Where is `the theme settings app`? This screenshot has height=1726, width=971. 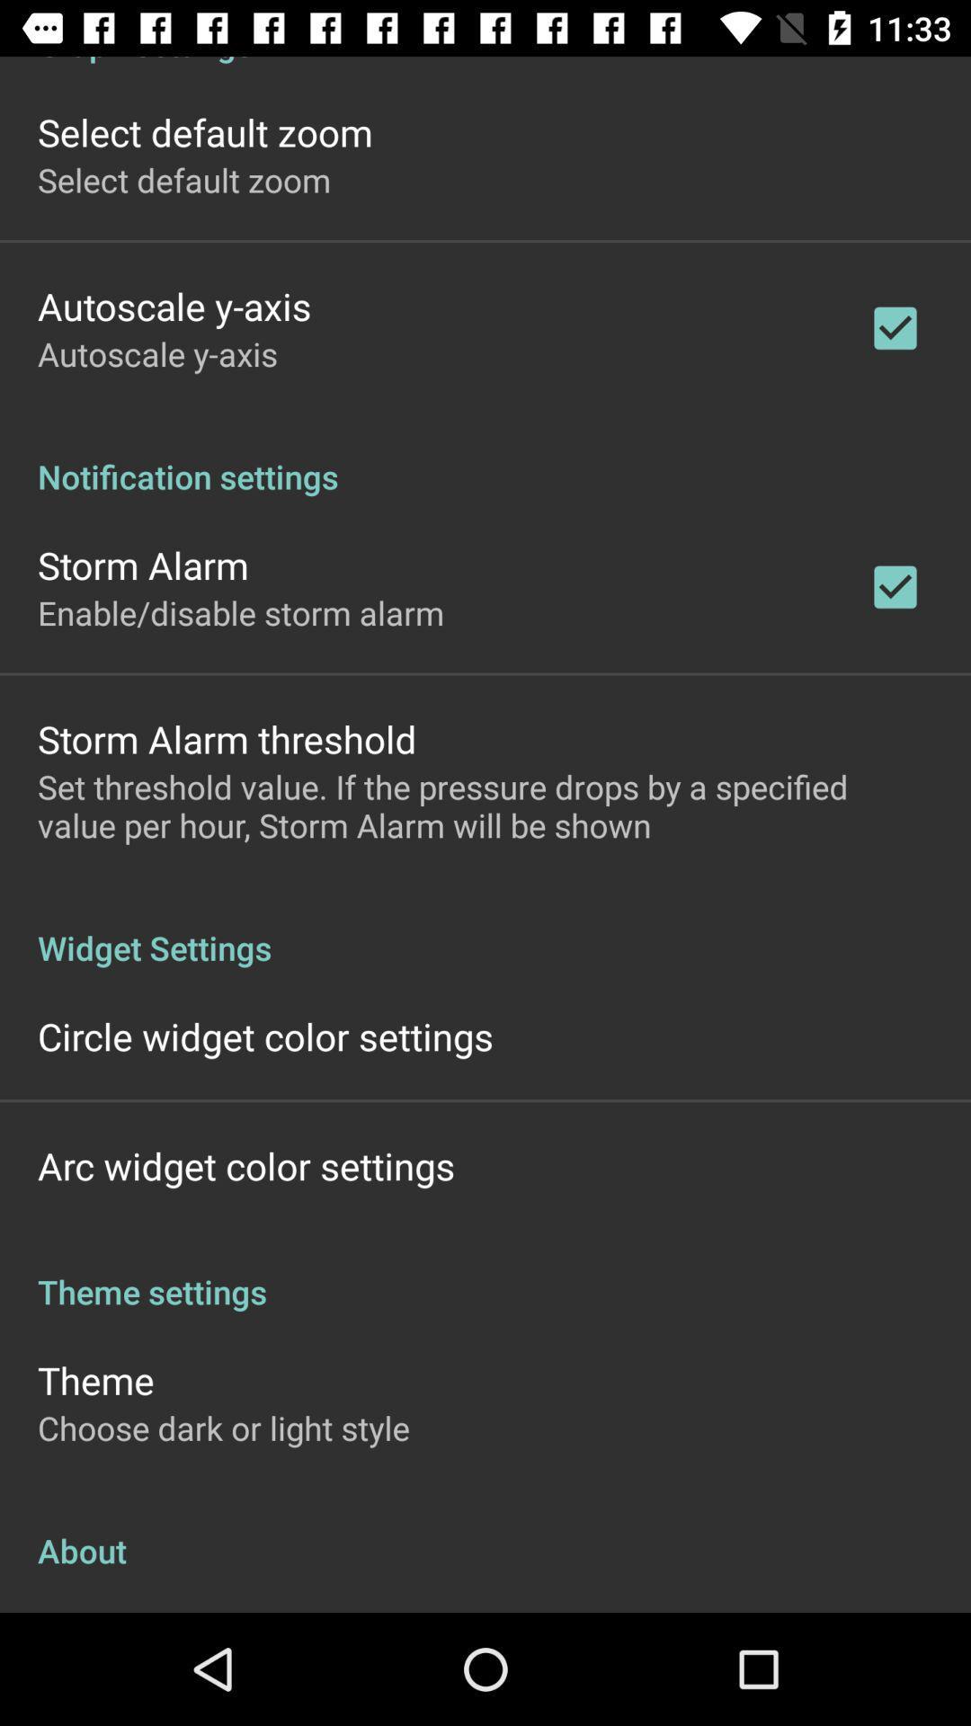
the theme settings app is located at coordinates (485, 1272).